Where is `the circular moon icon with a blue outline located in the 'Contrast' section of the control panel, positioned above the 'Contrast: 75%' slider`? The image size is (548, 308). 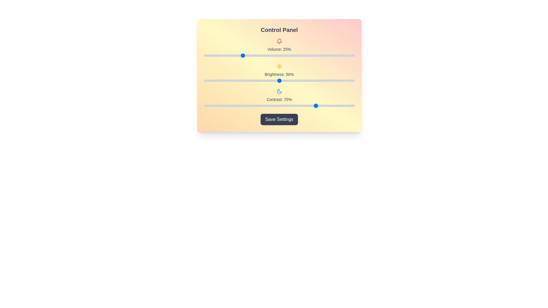
the circular moon icon with a blue outline located in the 'Contrast' section of the control panel, positioned above the 'Contrast: 75%' slider is located at coordinates (279, 91).